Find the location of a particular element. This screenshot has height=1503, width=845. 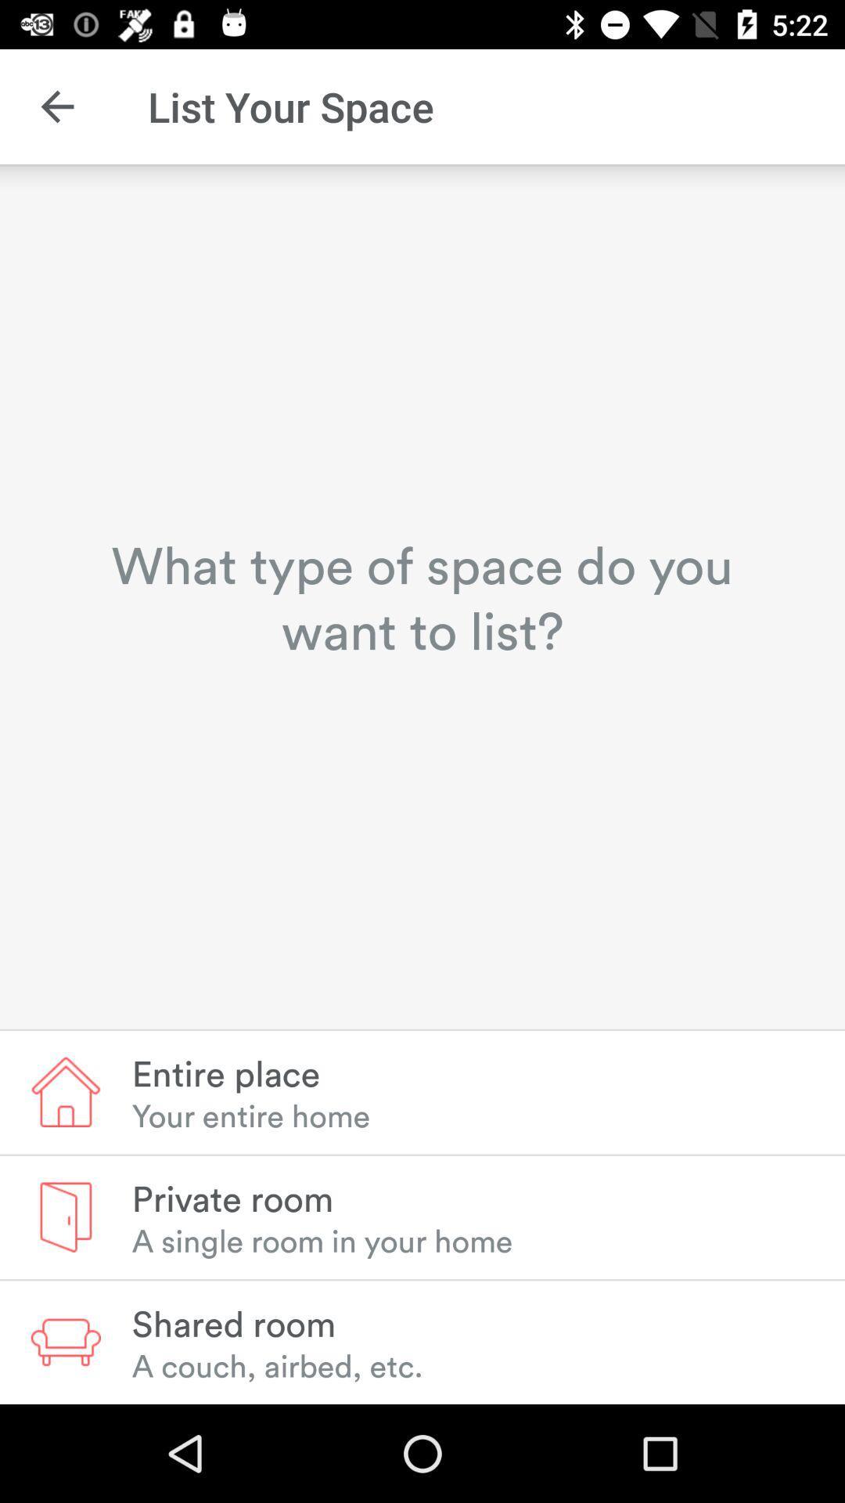

the icon above the what type of is located at coordinates (56, 106).